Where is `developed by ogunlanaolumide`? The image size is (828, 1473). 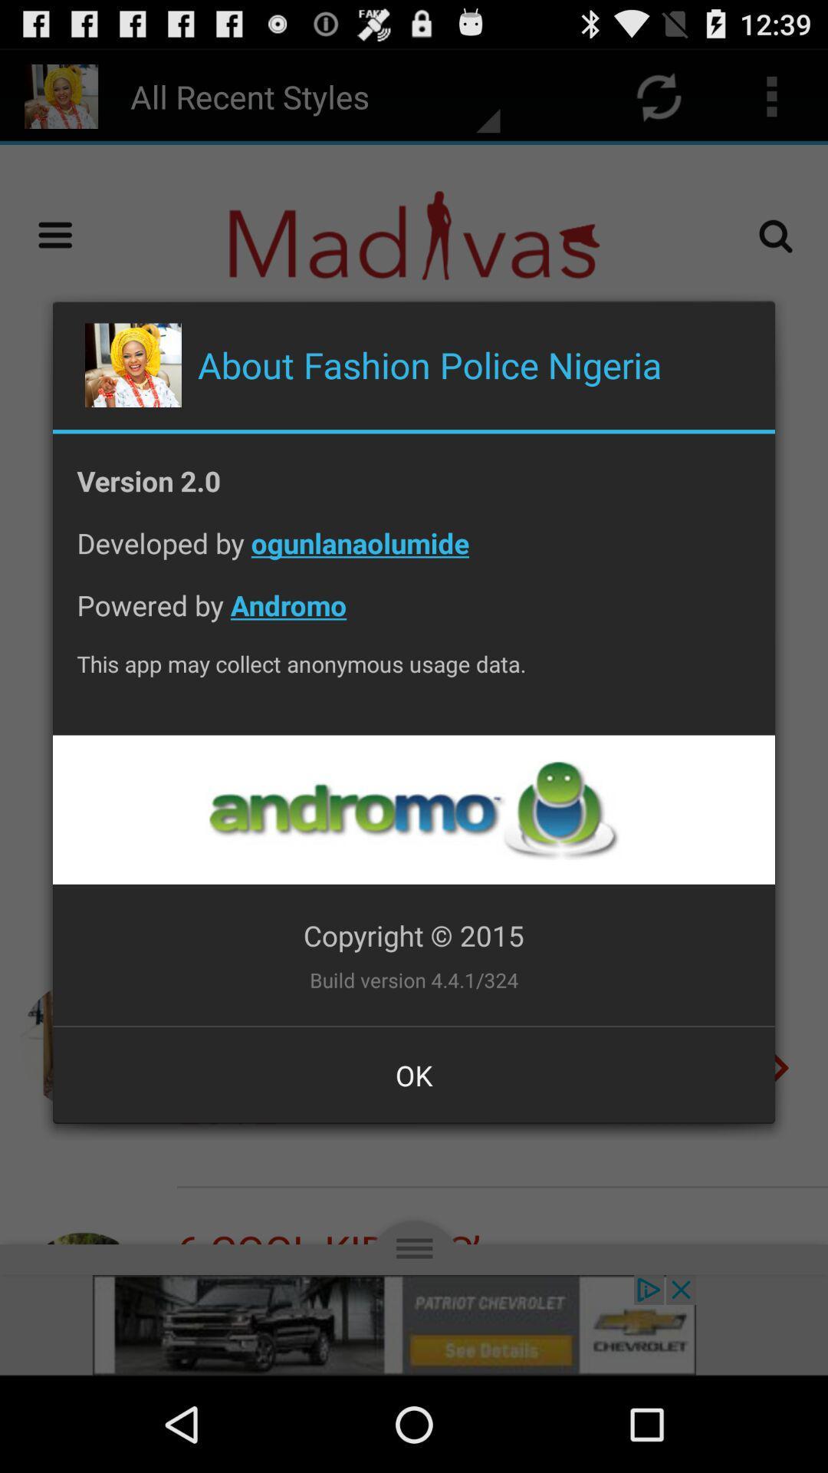
developed by ogunlanaolumide is located at coordinates (414, 554).